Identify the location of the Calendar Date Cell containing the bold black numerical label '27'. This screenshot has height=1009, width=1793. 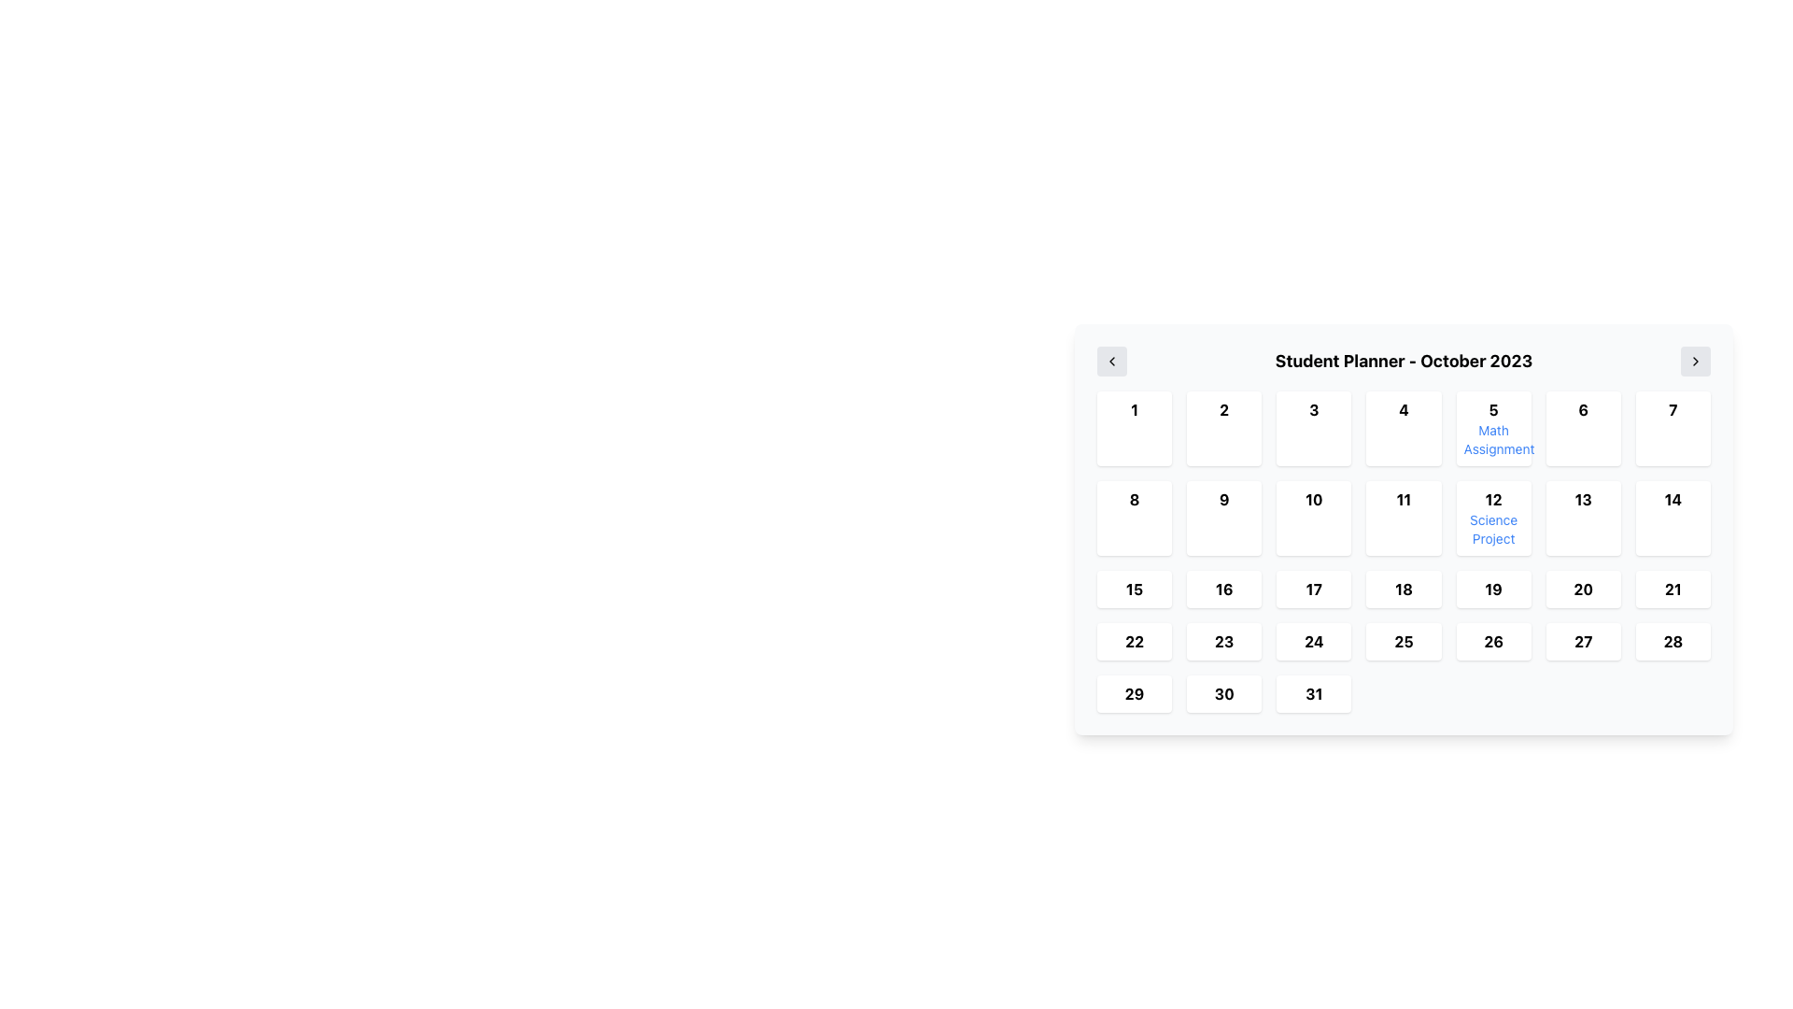
(1582, 640).